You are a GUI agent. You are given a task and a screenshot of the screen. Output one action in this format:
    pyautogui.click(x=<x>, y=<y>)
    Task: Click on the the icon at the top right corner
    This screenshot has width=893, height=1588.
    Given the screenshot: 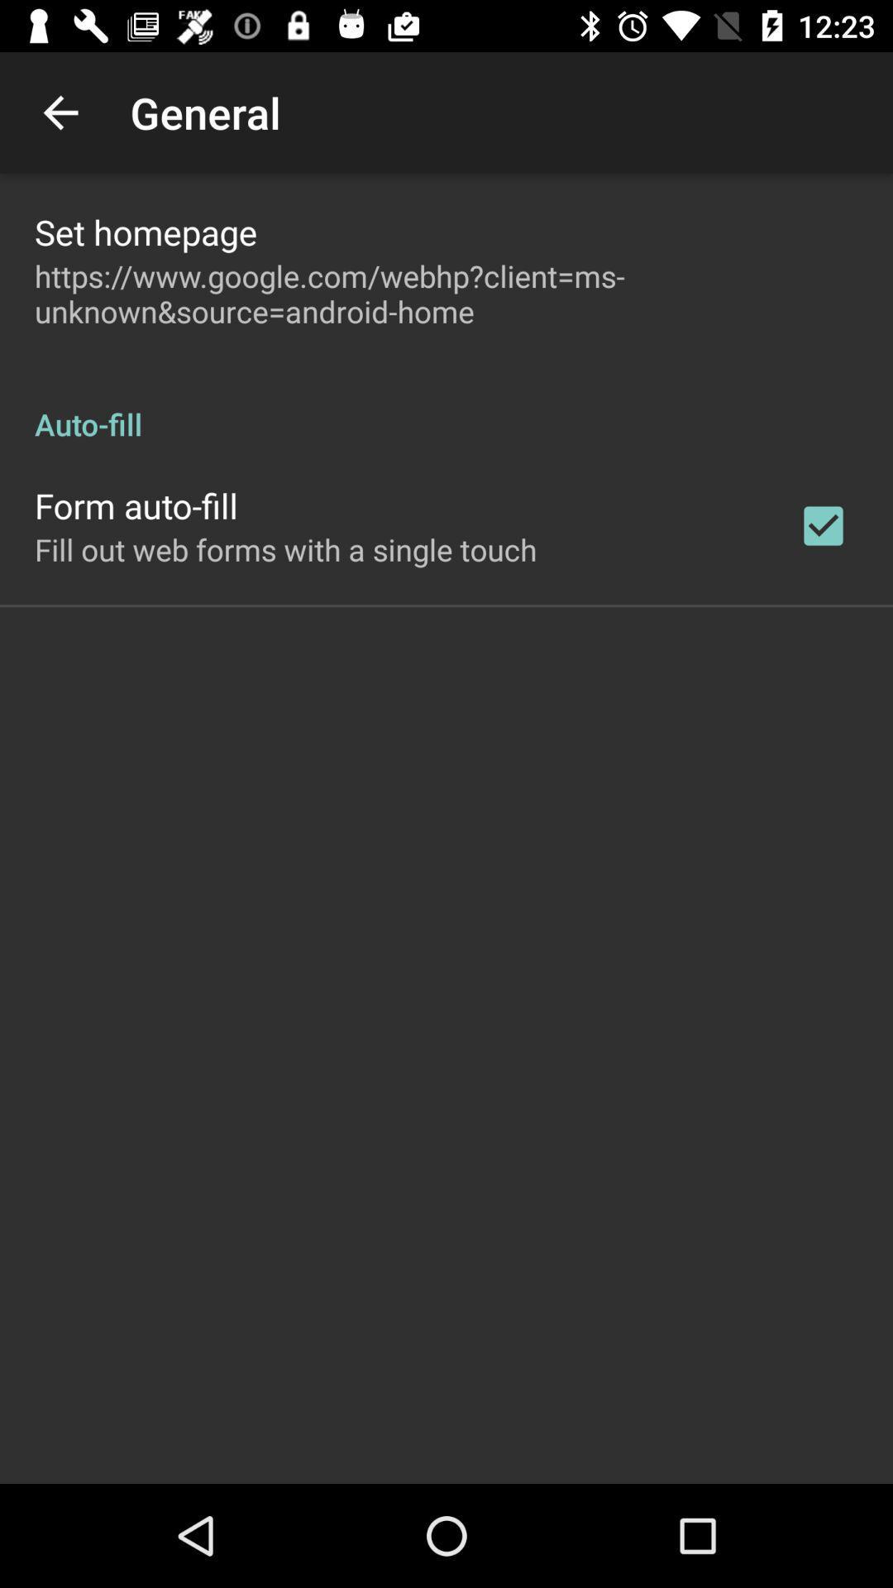 What is the action you would take?
    pyautogui.click(x=823, y=524)
    